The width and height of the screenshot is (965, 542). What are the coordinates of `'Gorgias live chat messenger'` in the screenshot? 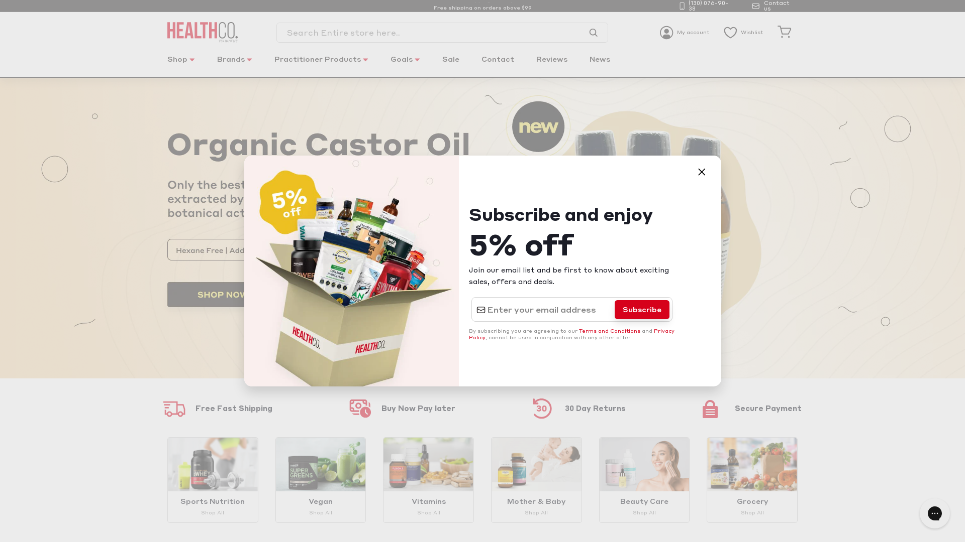 It's located at (934, 513).